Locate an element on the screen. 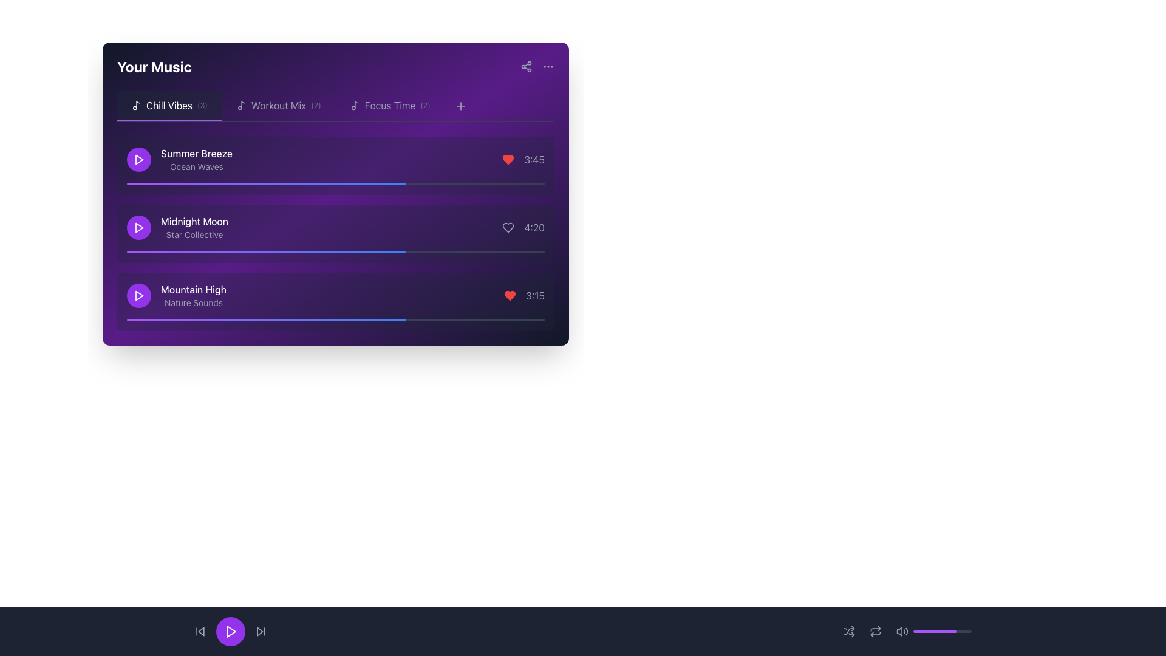  the circular purple button with a white play icon to play the song 'Summer Breeze' located at the beginning of the list item is located at coordinates (139, 159).